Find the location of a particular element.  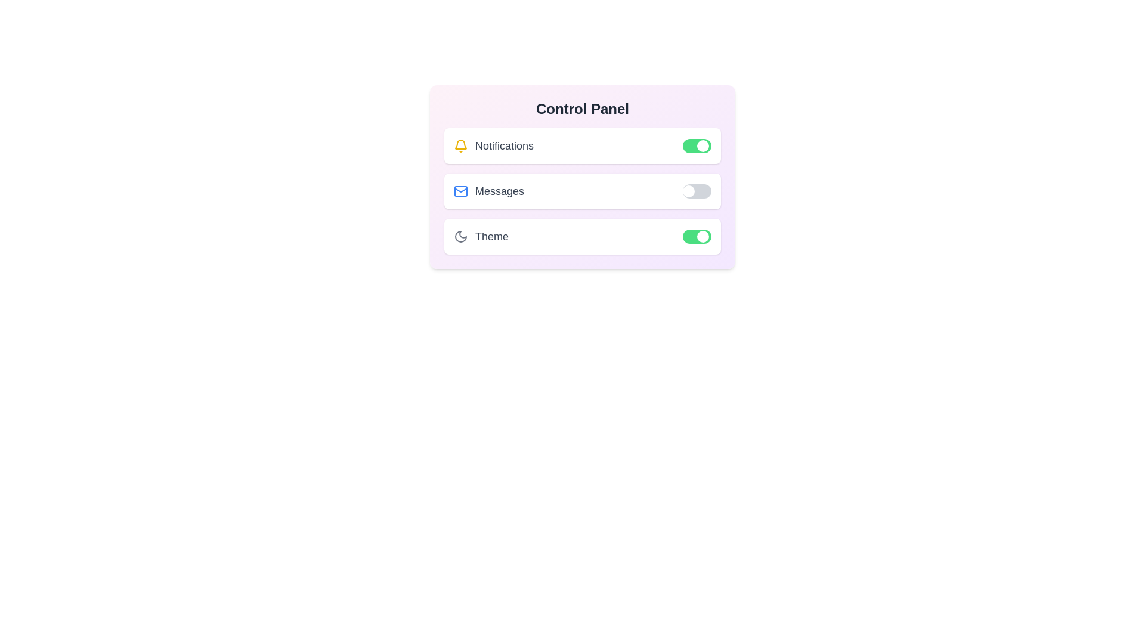

the toggle switch located to the far right of the 'Messages' section to change its state is located at coordinates (697, 190).